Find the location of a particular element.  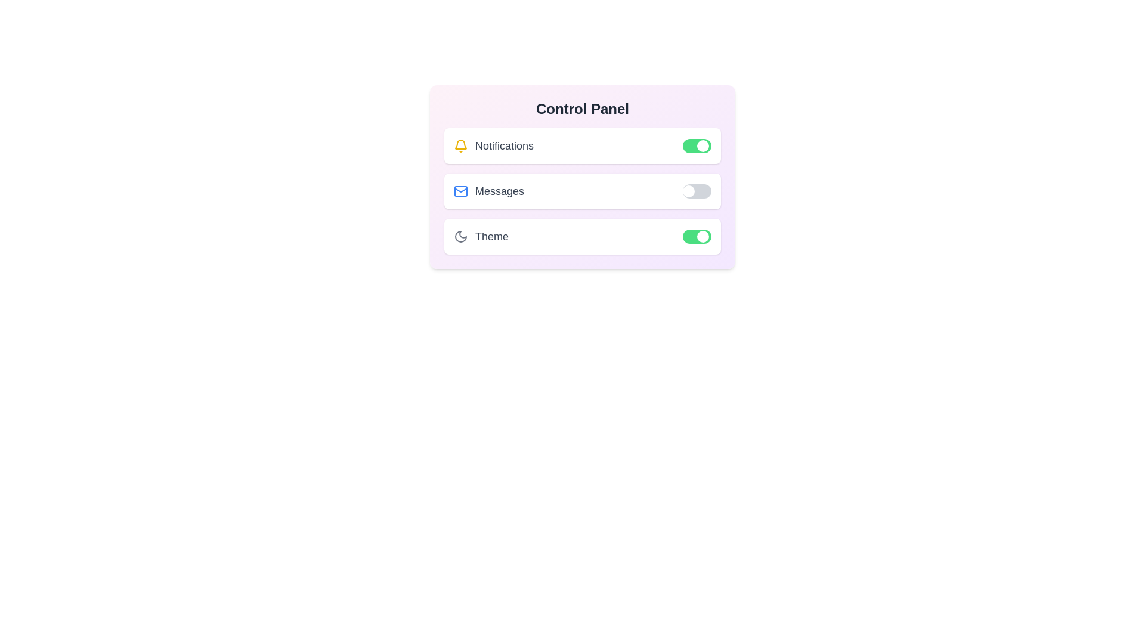

the toggle switch located to the far right of the 'Messages' section to change its state is located at coordinates (697, 190).